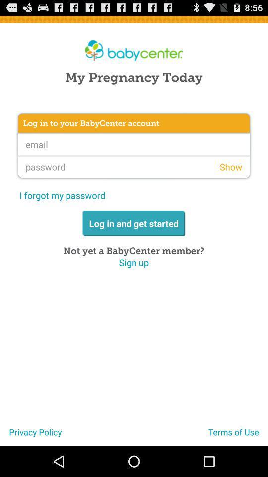  What do you see at coordinates (238, 435) in the screenshot?
I see `the app at the bottom right corner` at bounding box center [238, 435].